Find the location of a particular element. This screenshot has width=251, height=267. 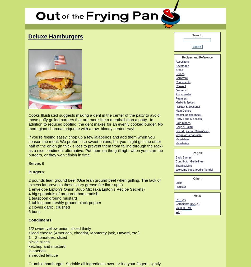

'2 cloves garlic, crushed' is located at coordinates (49, 207).